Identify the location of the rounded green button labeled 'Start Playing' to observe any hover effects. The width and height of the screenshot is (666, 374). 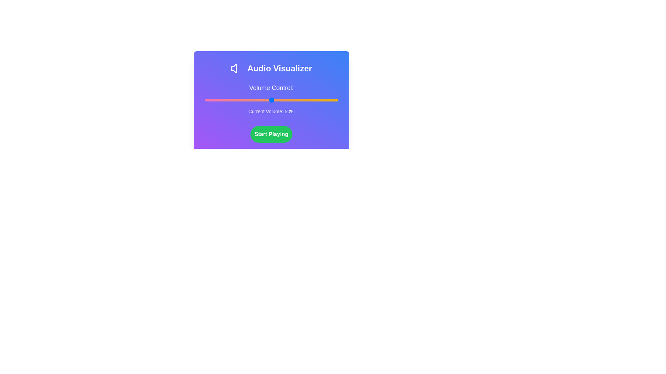
(271, 134).